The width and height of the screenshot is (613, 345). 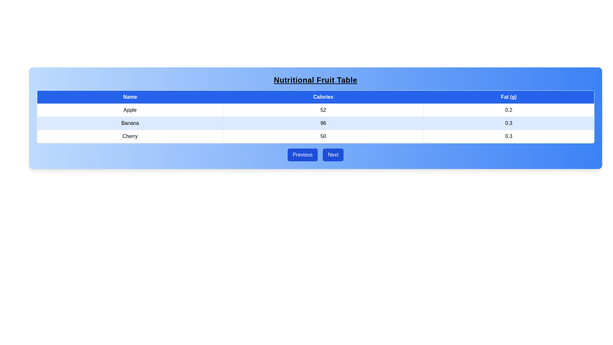 I want to click on the cells of the Table Row representing the fruit 'Cherry', which is the third entry in the table, so click(x=315, y=136).